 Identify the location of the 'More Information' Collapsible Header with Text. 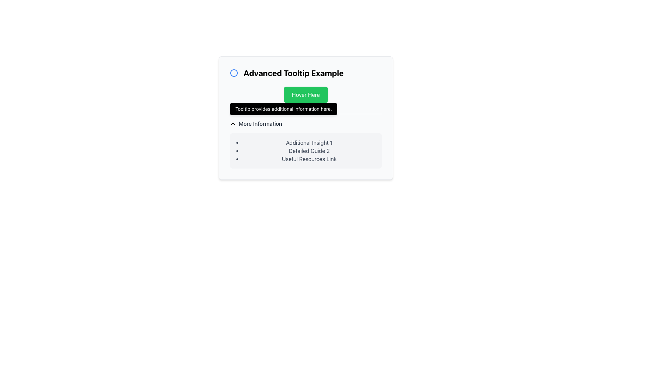
(255, 123).